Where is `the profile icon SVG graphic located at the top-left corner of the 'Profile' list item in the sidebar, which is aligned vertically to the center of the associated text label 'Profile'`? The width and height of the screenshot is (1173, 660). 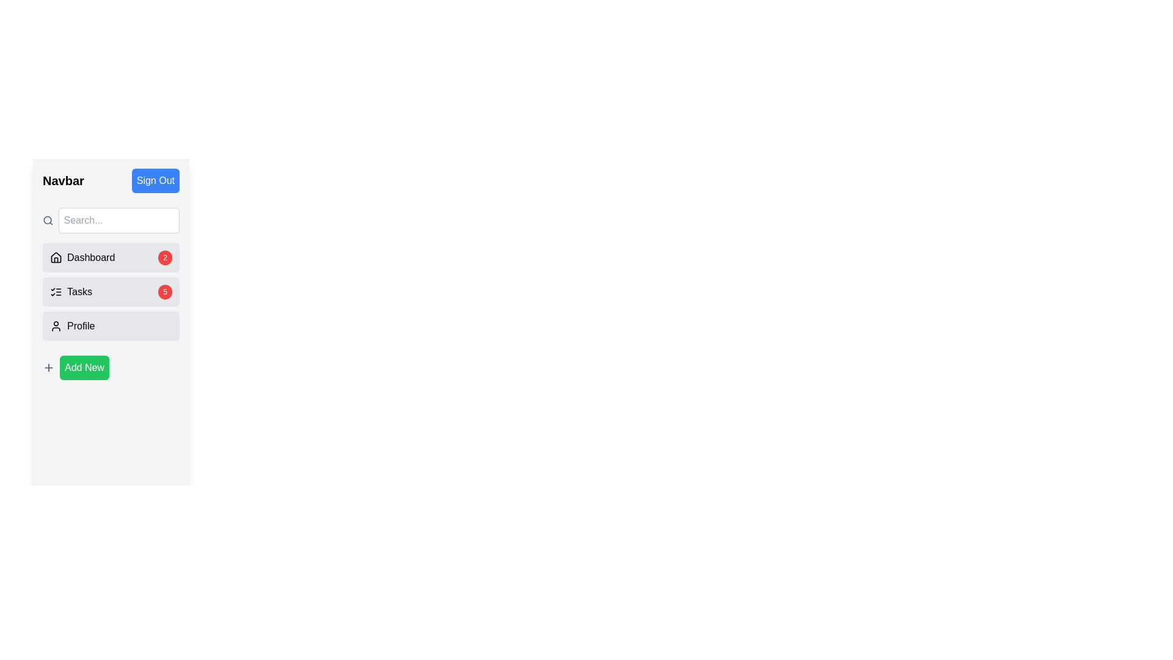 the profile icon SVG graphic located at the top-left corner of the 'Profile' list item in the sidebar, which is aligned vertically to the center of the associated text label 'Profile' is located at coordinates (55, 325).